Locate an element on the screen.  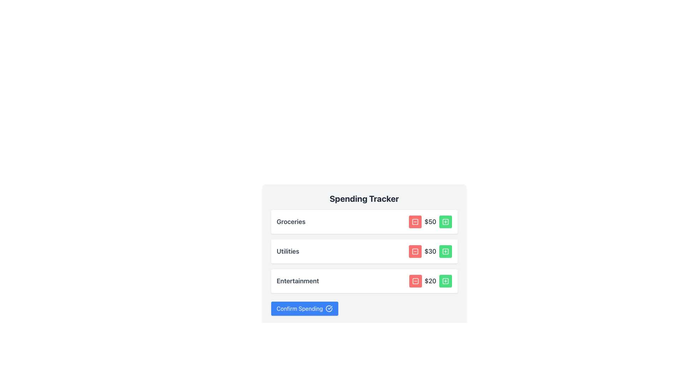
the rightmost button in the row that increments a count or value, located to the right of the '$50' text is located at coordinates (445, 221).